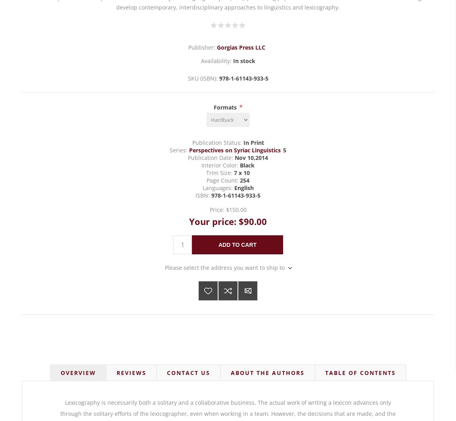 Image resolution: width=456 pixels, height=421 pixels. What do you see at coordinates (233, 173) in the screenshot?
I see `'7 x 10'` at bounding box center [233, 173].